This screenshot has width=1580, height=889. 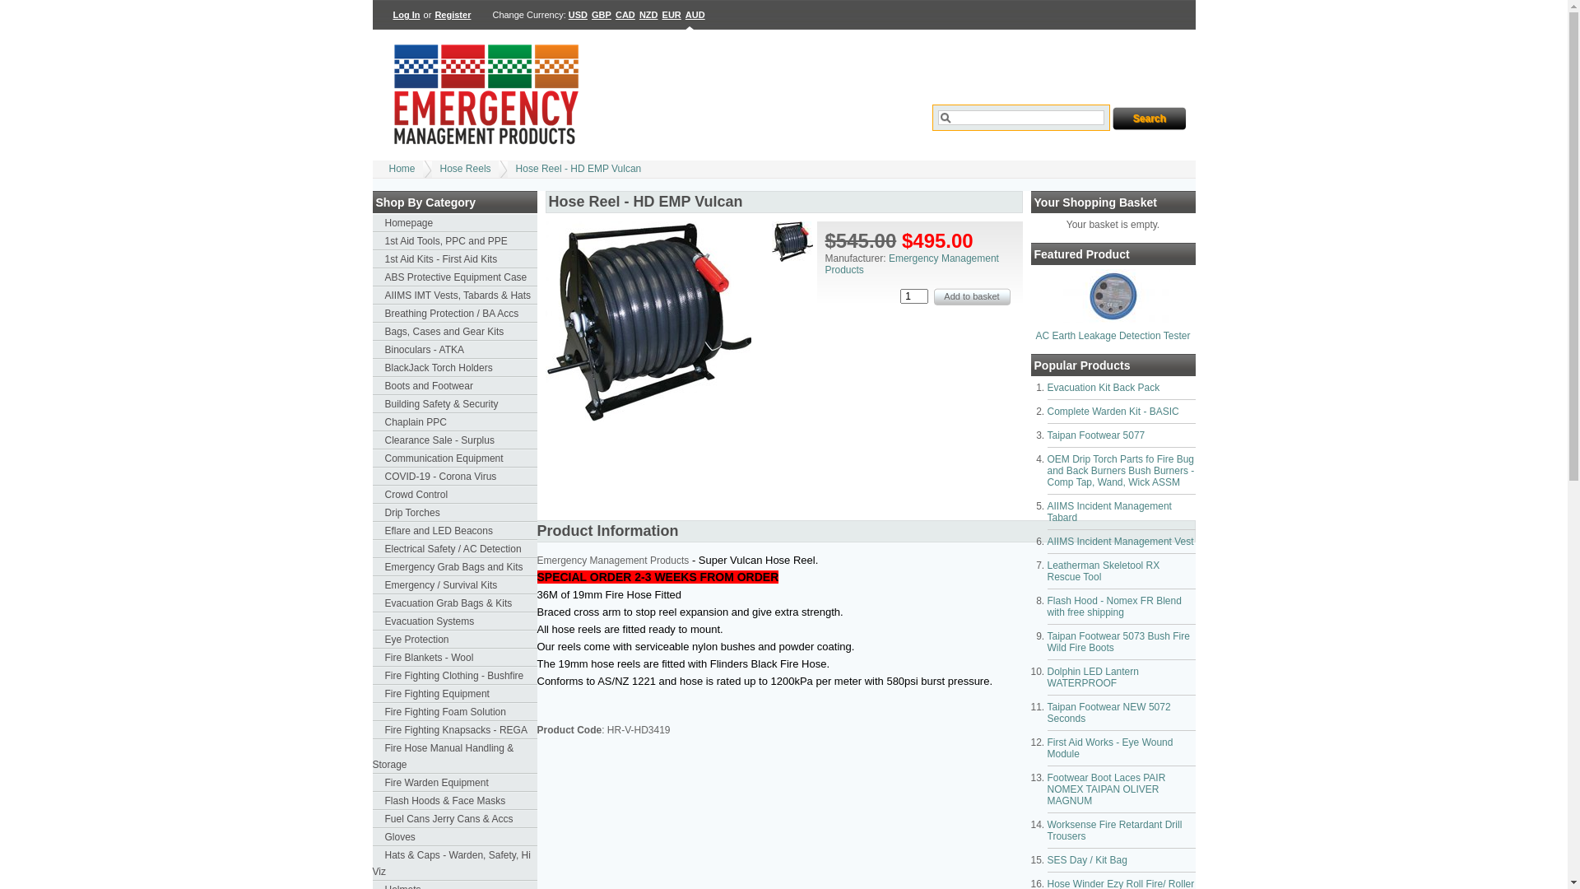 I want to click on 'Hose Reel - HD EMP Vulcan', so click(x=579, y=168).